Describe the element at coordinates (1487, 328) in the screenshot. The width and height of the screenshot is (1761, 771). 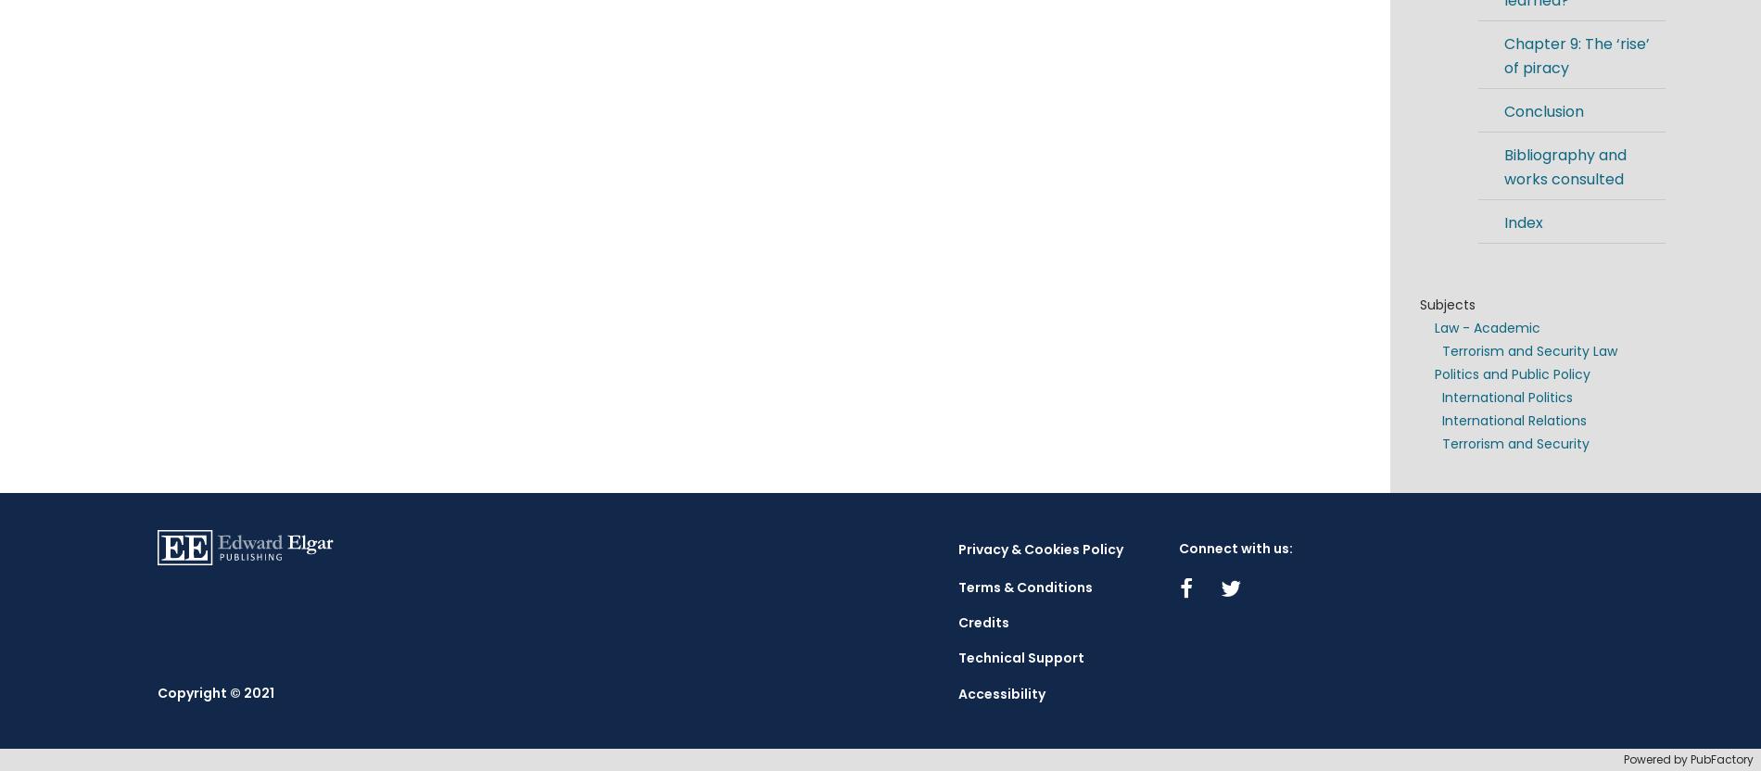
I see `'Law - Academic'` at that location.